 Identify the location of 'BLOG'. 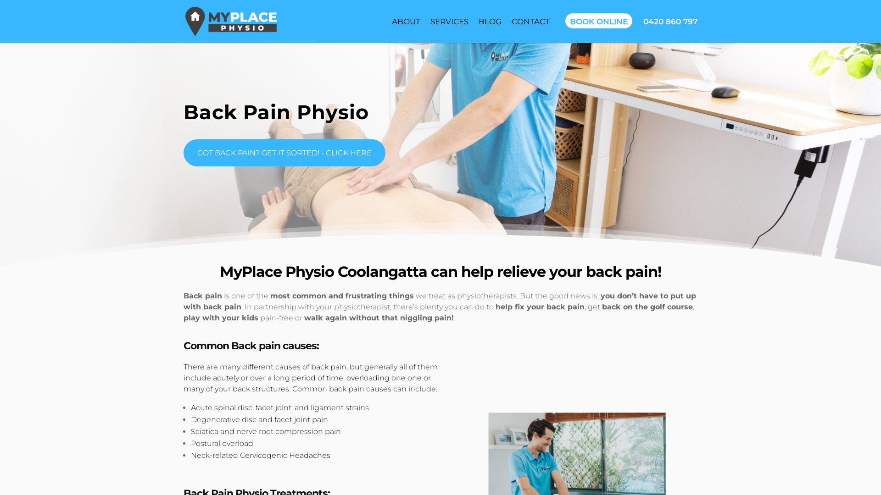
(489, 21).